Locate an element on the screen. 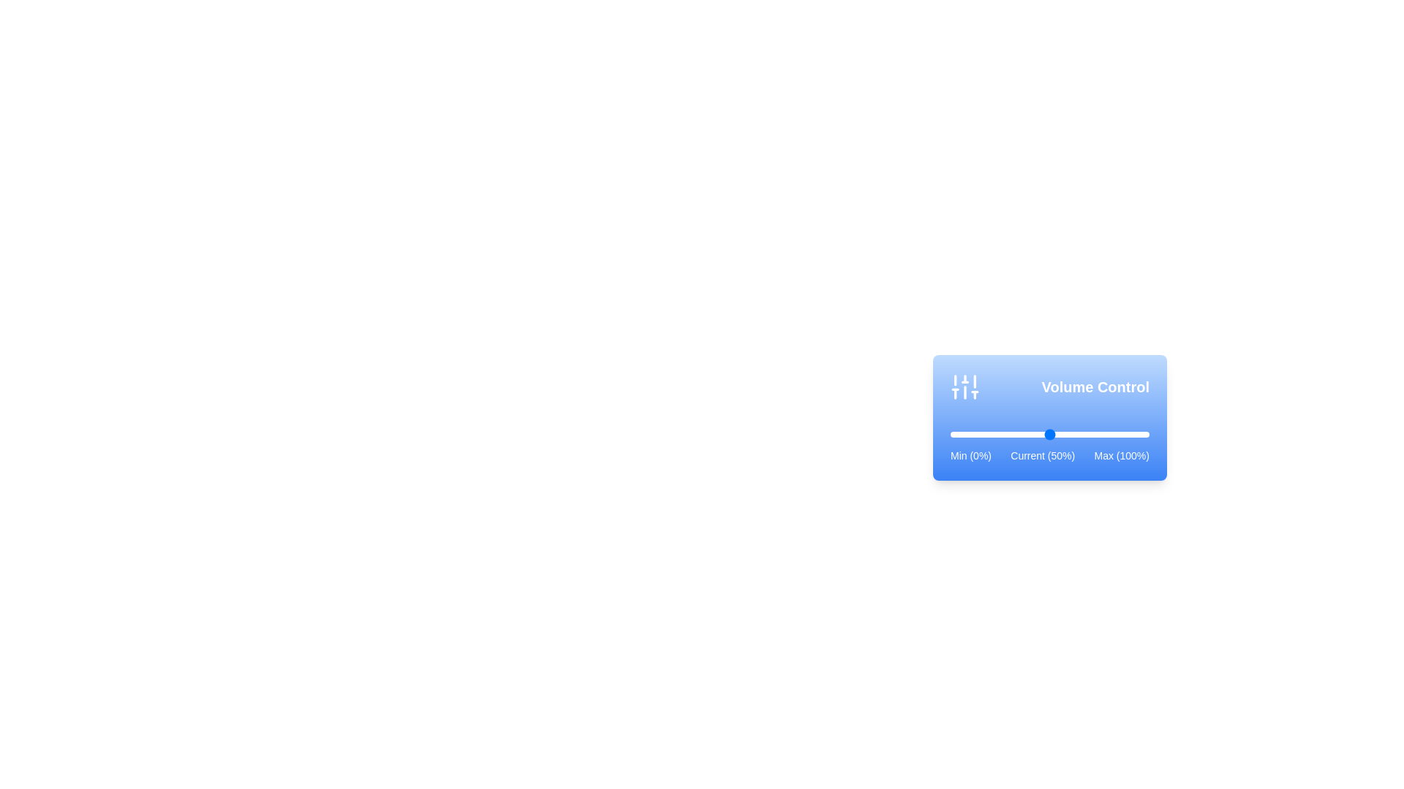 Image resolution: width=1404 pixels, height=789 pixels. the slider to inspect visual feedback is located at coordinates (1049, 433).